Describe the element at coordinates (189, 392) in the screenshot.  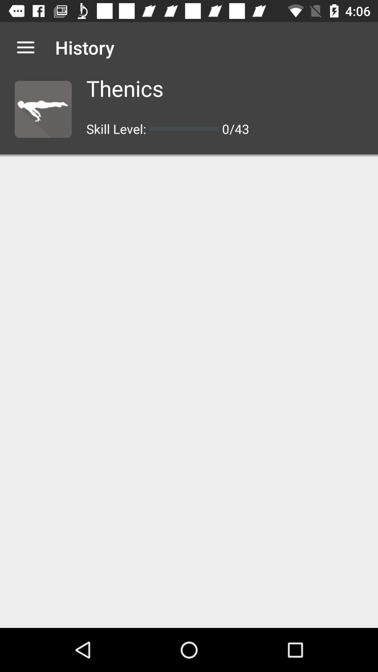
I see `the item at the center` at that location.